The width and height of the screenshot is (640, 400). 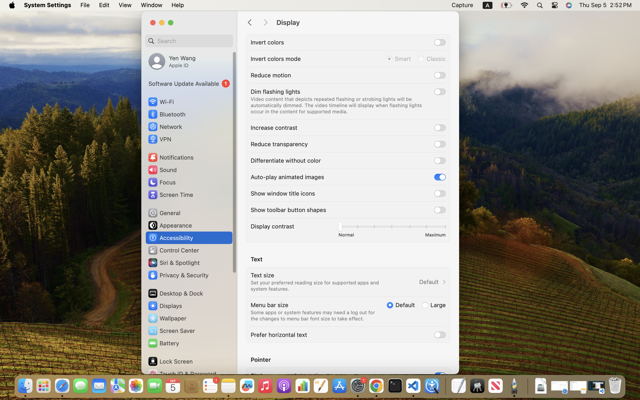 What do you see at coordinates (177, 275) in the screenshot?
I see `'Privacy & Security'` at bounding box center [177, 275].